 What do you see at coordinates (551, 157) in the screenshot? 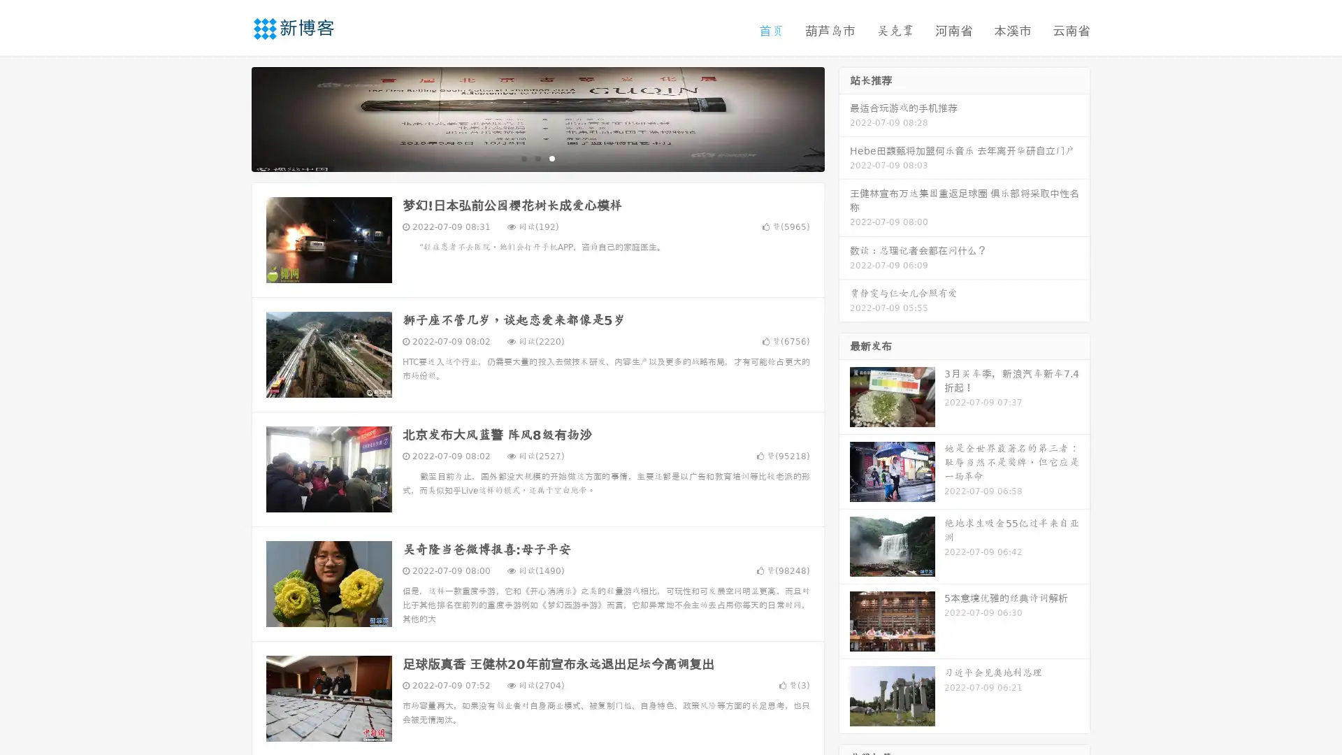
I see `Go to slide 3` at bounding box center [551, 157].